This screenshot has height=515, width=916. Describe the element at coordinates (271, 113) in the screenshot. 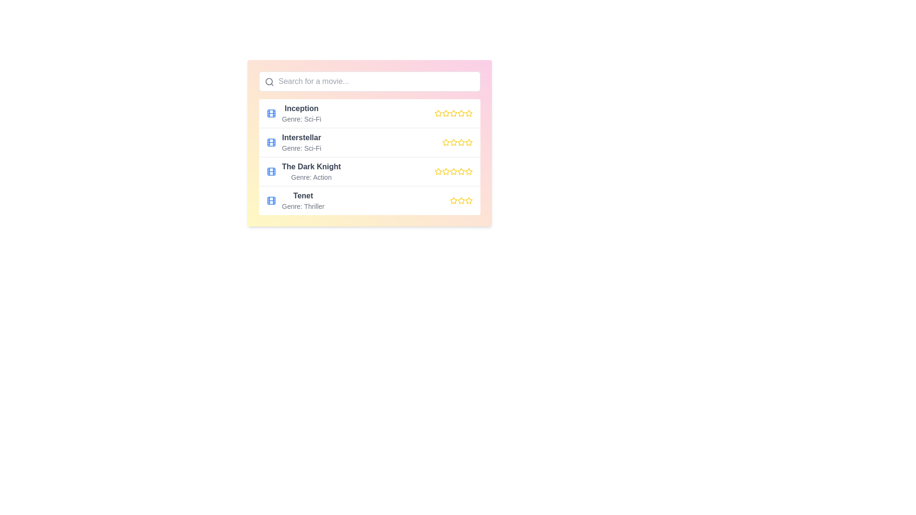

I see `the topmost blue rectangle of the film reel icon located beside the 'Inception' movie title to focus or select the associated movie` at that location.